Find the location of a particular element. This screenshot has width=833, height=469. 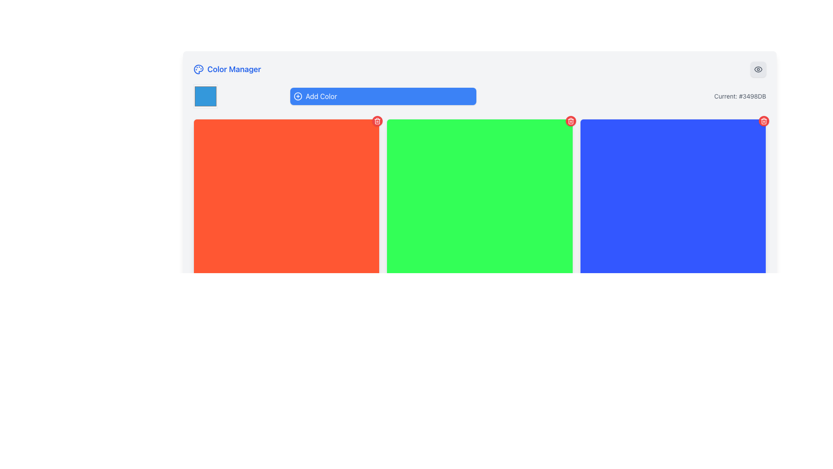

the small, round, red icon button featuring a white trash icon located at the top-right corner of the vibrant orange square tile is located at coordinates (377, 121).